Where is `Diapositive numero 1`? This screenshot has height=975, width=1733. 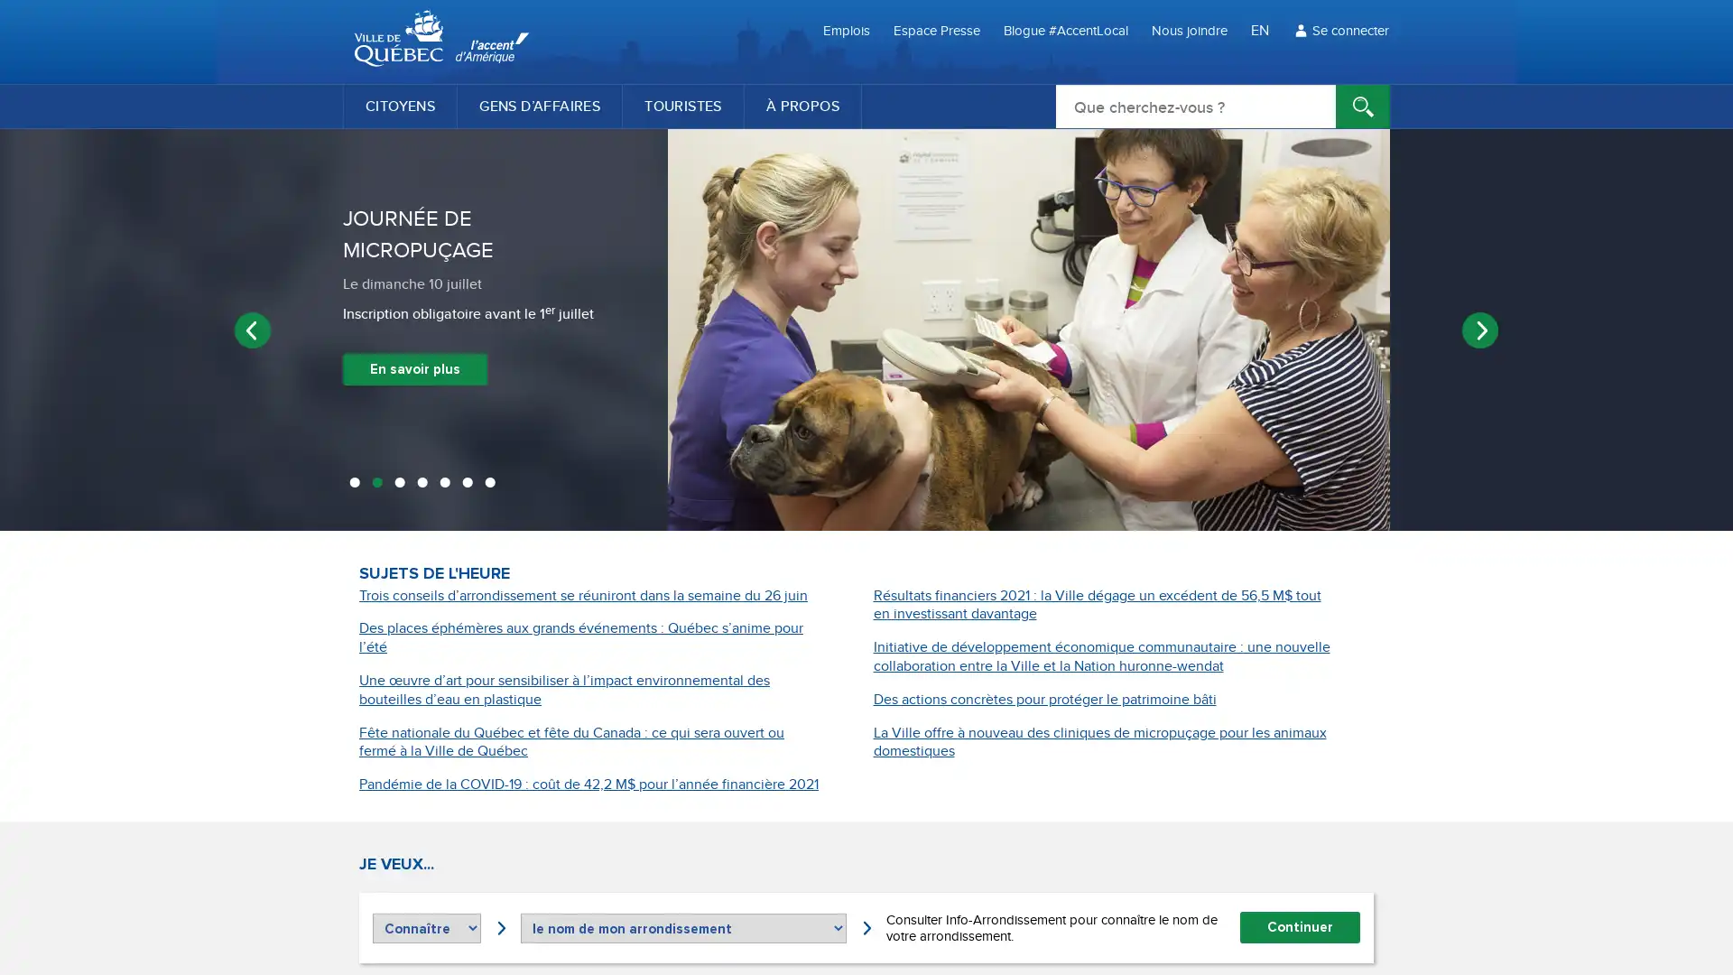 Diapositive numero 1 is located at coordinates (354, 483).